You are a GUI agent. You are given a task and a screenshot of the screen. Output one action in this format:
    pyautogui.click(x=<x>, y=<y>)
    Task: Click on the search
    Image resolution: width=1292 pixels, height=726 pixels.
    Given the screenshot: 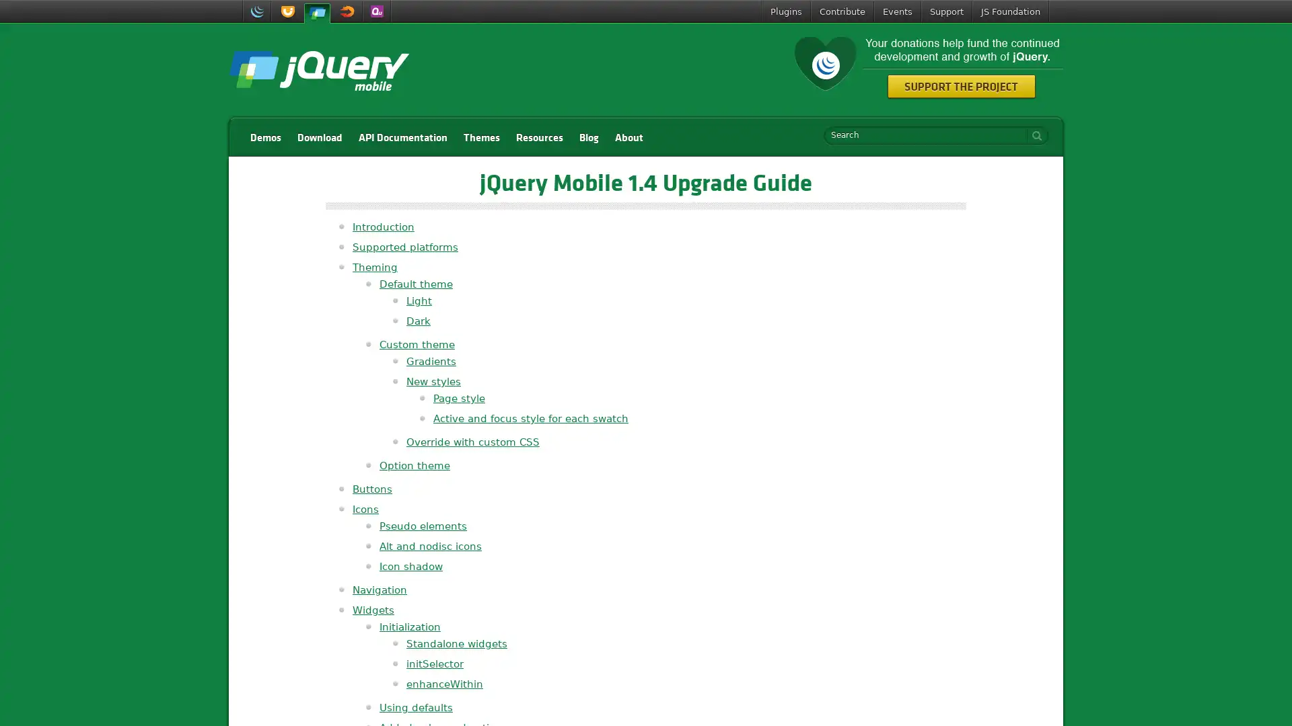 What is the action you would take?
    pyautogui.click(x=1033, y=135)
    